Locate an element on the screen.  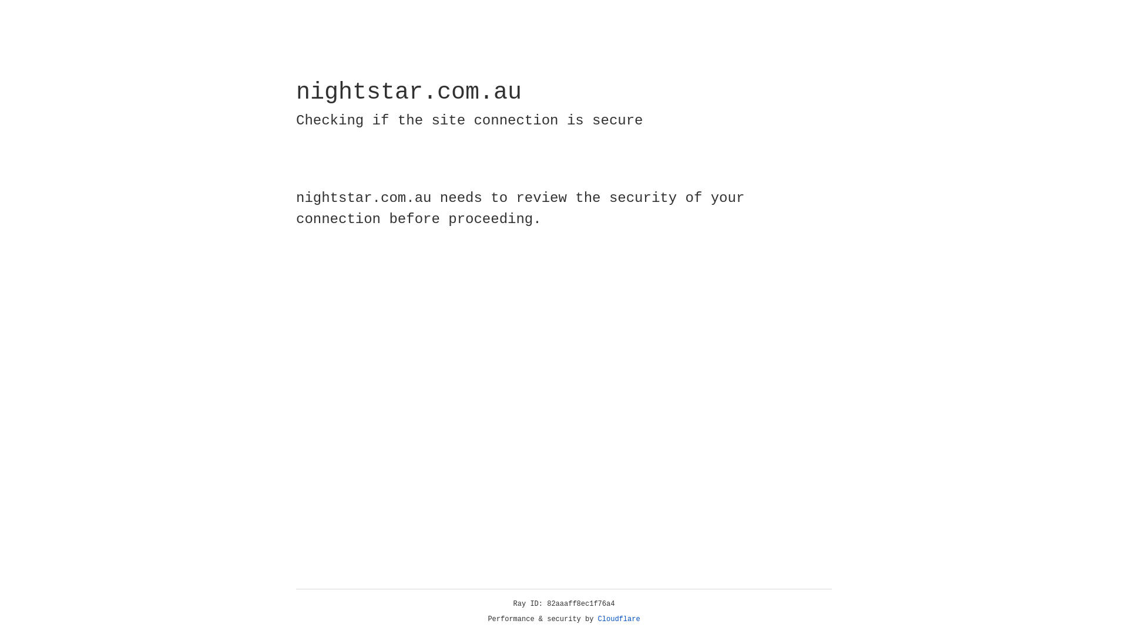
'Cloudflare' is located at coordinates (619, 619).